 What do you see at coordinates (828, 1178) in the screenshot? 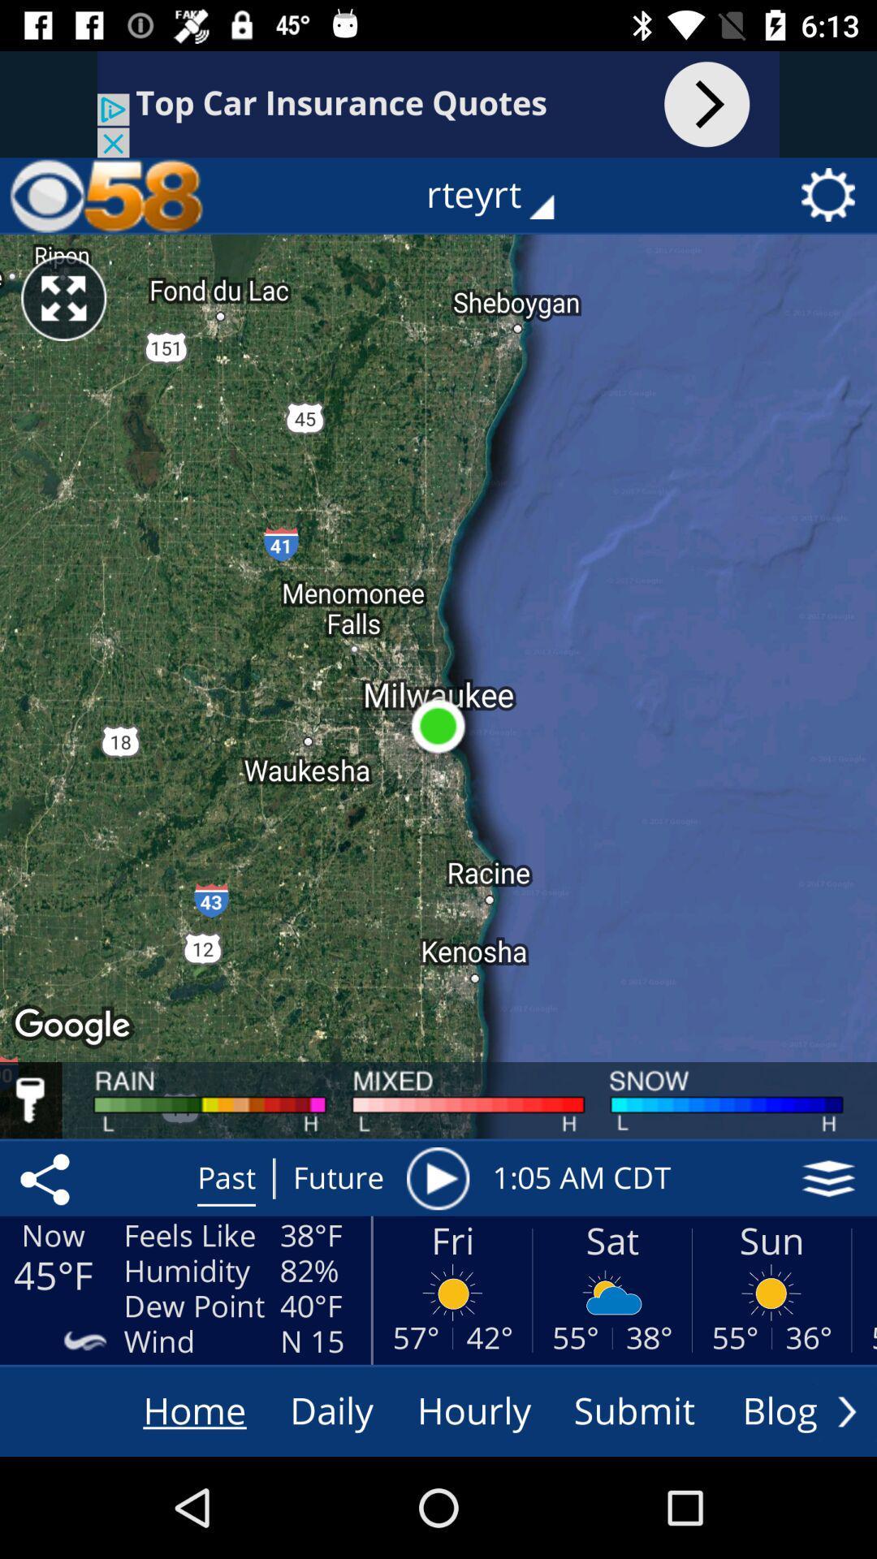
I see `layers` at bounding box center [828, 1178].